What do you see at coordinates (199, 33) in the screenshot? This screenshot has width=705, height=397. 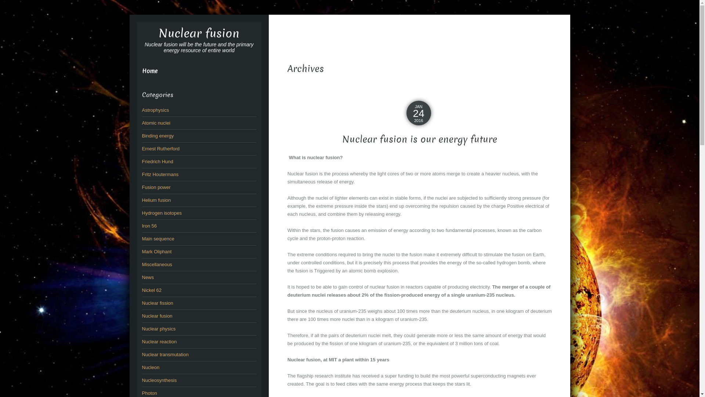 I see `'Nuclear fusion'` at bounding box center [199, 33].